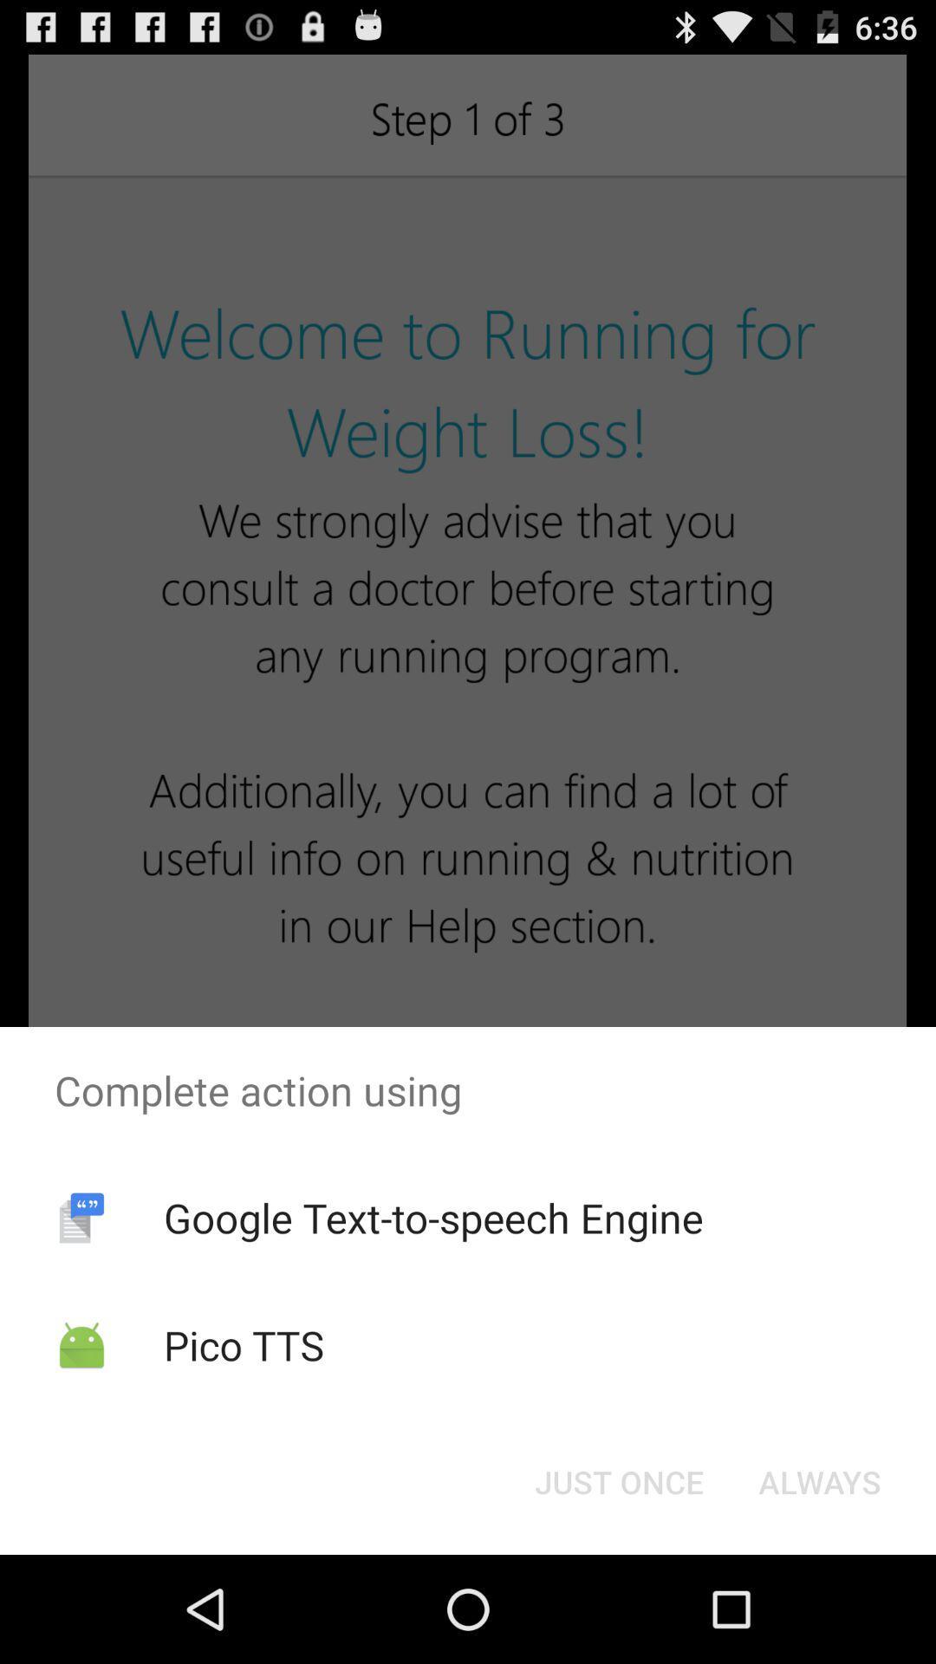  Describe the element at coordinates (432, 1217) in the screenshot. I see `the google text to item` at that location.